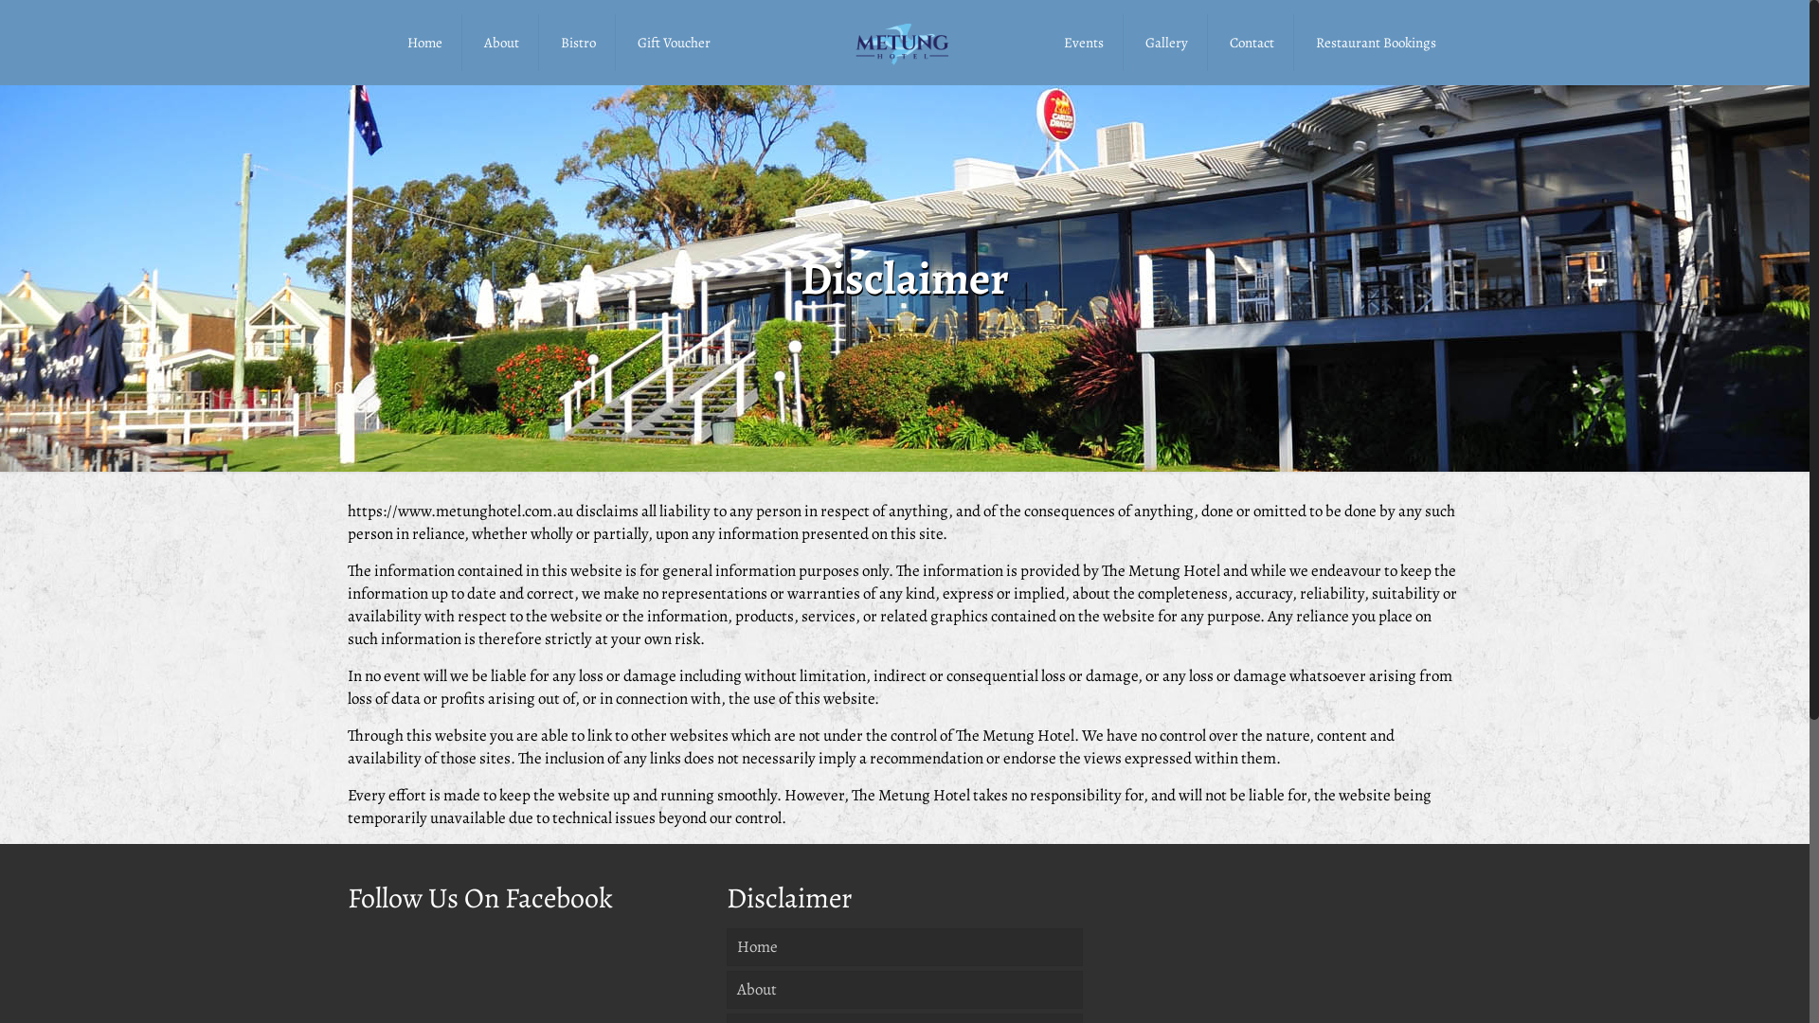  Describe the element at coordinates (1252, 43) in the screenshot. I see `'Contact'` at that location.